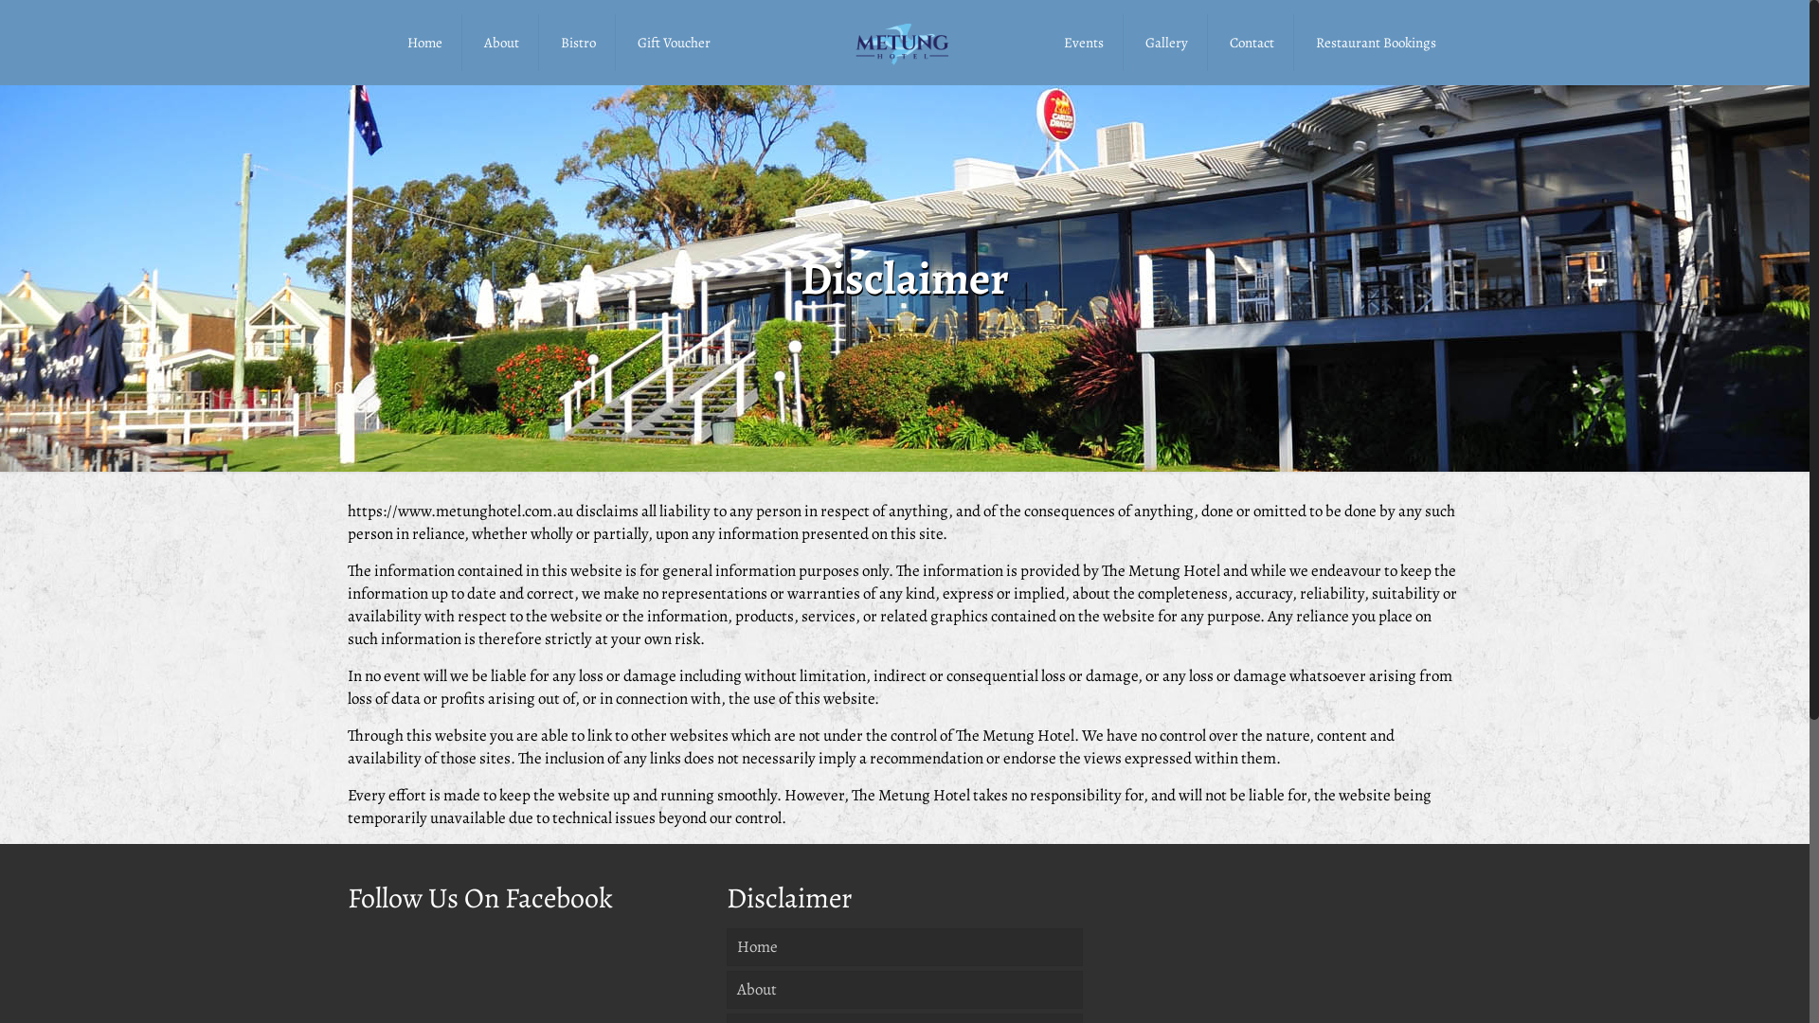  Describe the element at coordinates (1252, 43) in the screenshot. I see `'Contact'` at that location.